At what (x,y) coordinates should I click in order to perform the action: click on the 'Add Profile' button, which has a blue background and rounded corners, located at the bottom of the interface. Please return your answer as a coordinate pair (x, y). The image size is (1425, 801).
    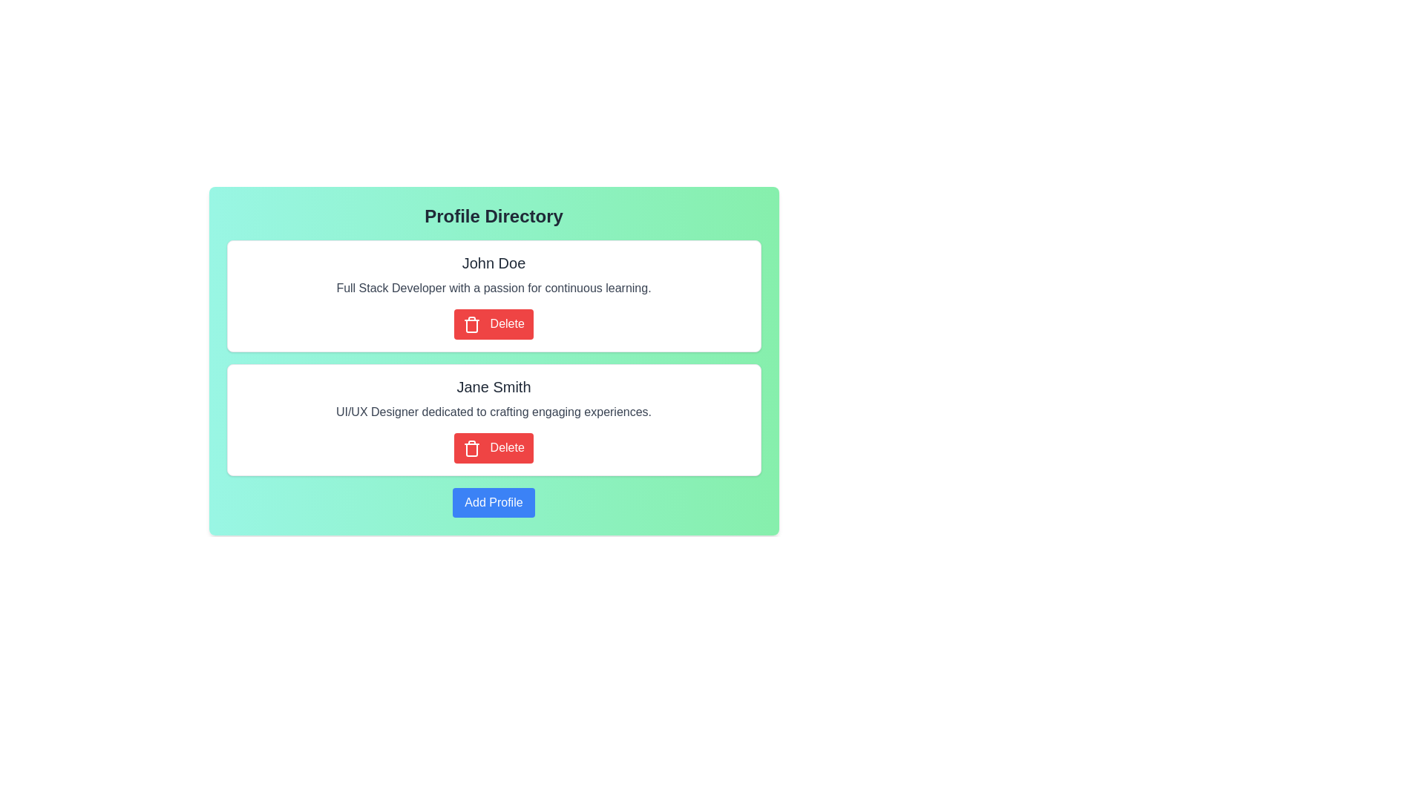
    Looking at the image, I should click on (494, 501).